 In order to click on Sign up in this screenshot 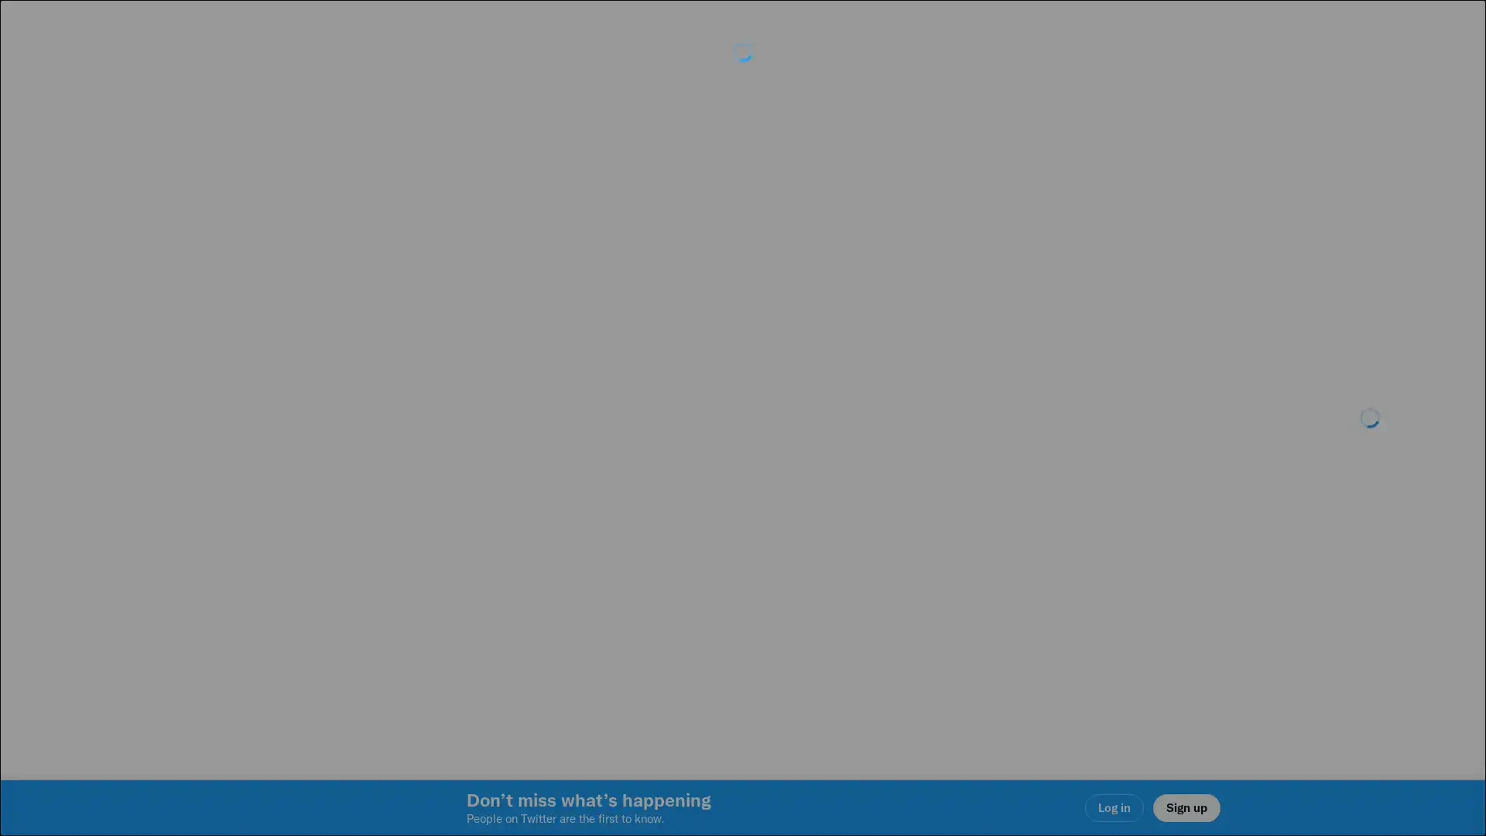, I will do `click(559, 527)`.